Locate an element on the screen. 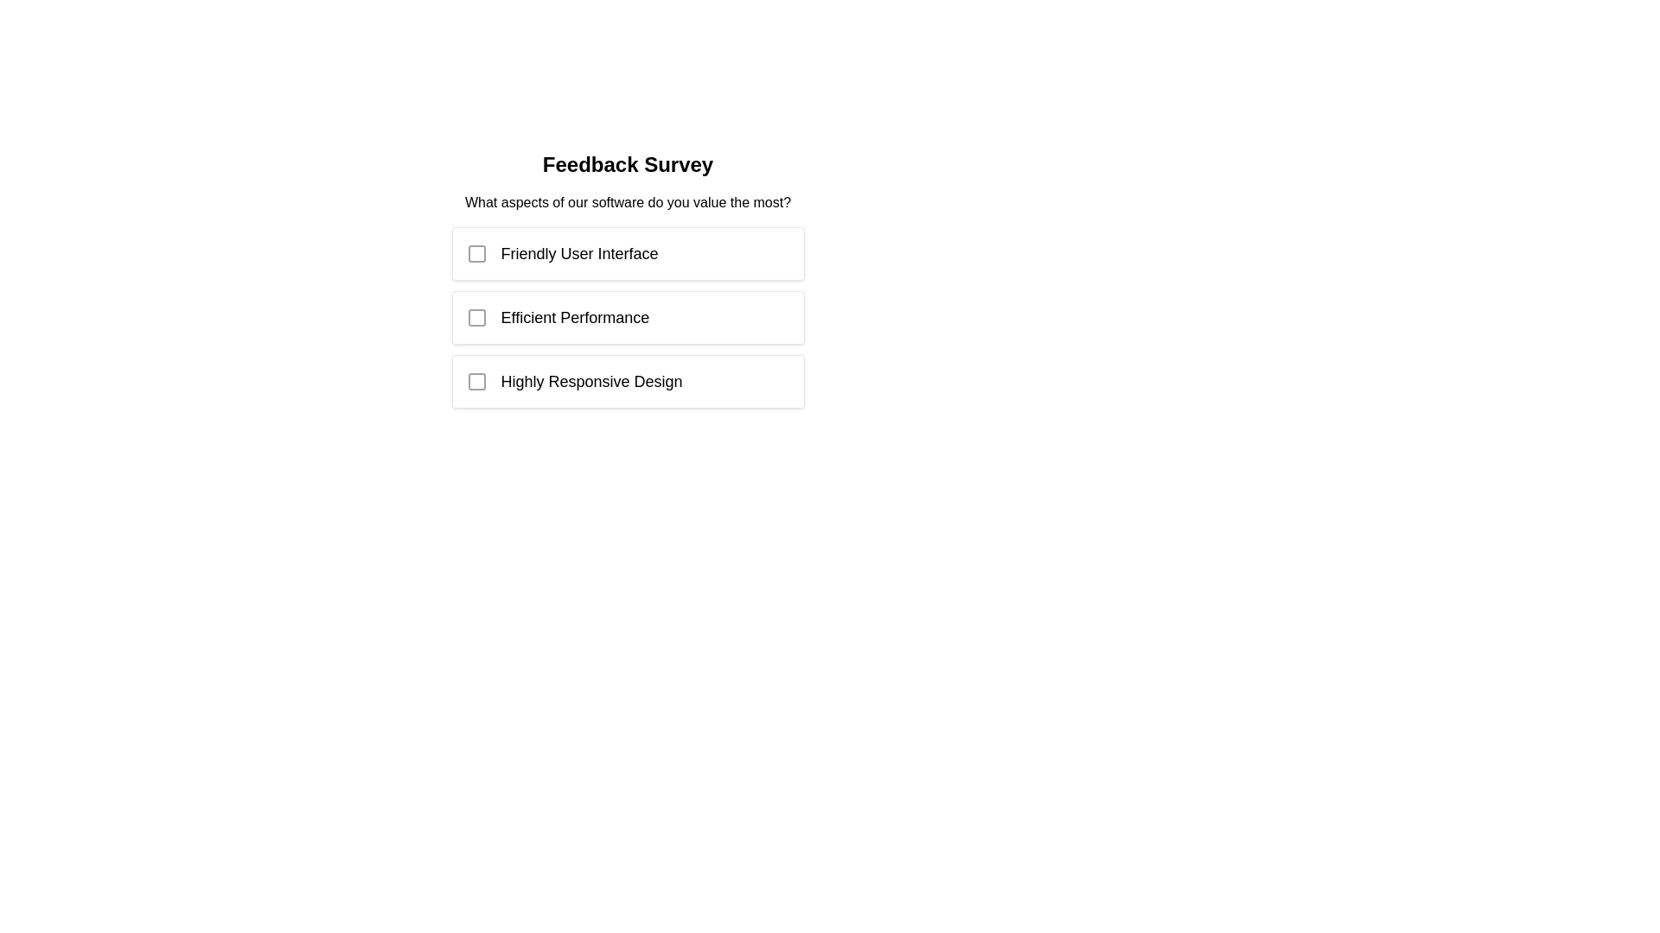 The height and width of the screenshot is (933, 1660). on the second checkbox element in the survey interface, located is located at coordinates (476, 317).